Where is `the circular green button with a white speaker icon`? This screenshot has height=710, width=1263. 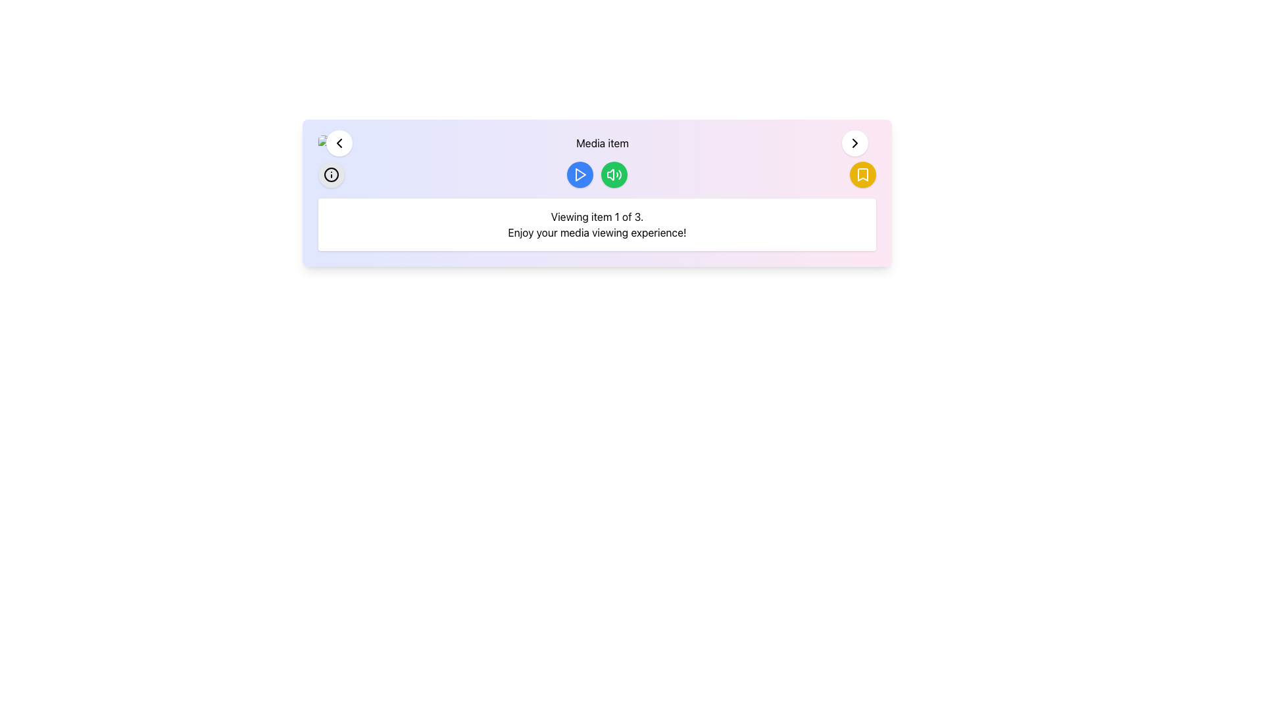 the circular green button with a white speaker icon is located at coordinates (614, 174).